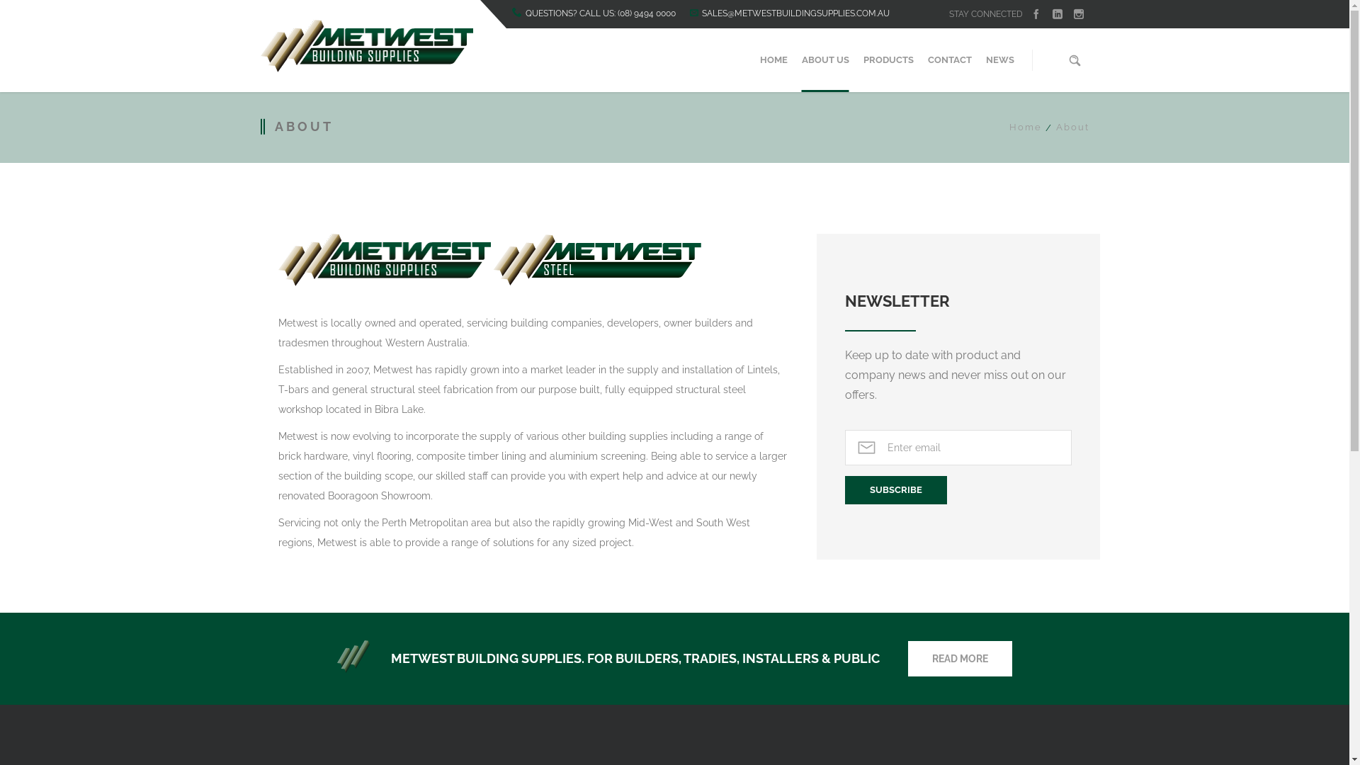 The height and width of the screenshot is (765, 1360). What do you see at coordinates (887, 59) in the screenshot?
I see `'PRODUCTS'` at bounding box center [887, 59].